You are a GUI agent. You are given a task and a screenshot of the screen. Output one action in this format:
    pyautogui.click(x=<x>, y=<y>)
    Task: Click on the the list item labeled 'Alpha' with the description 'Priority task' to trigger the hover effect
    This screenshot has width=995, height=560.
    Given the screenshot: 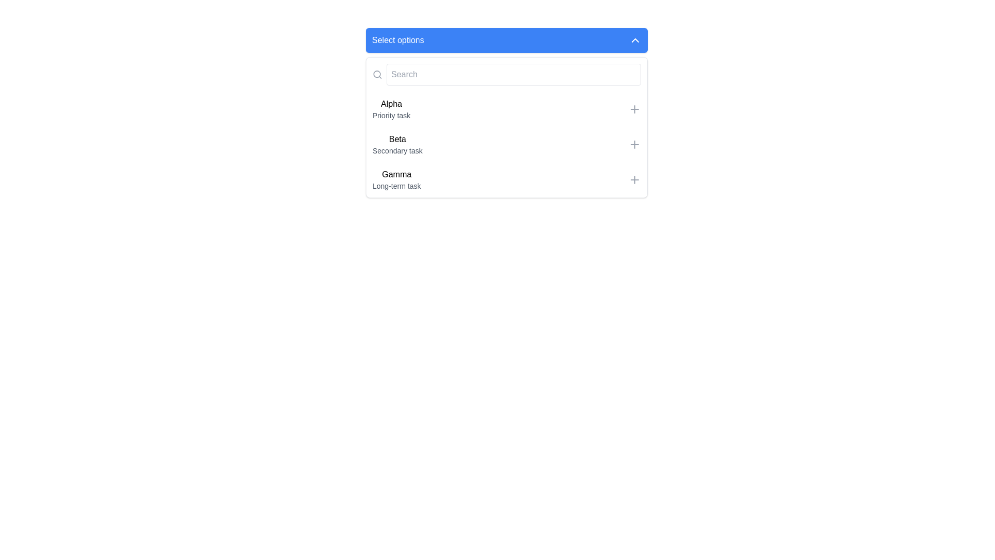 What is the action you would take?
    pyautogui.click(x=391, y=109)
    